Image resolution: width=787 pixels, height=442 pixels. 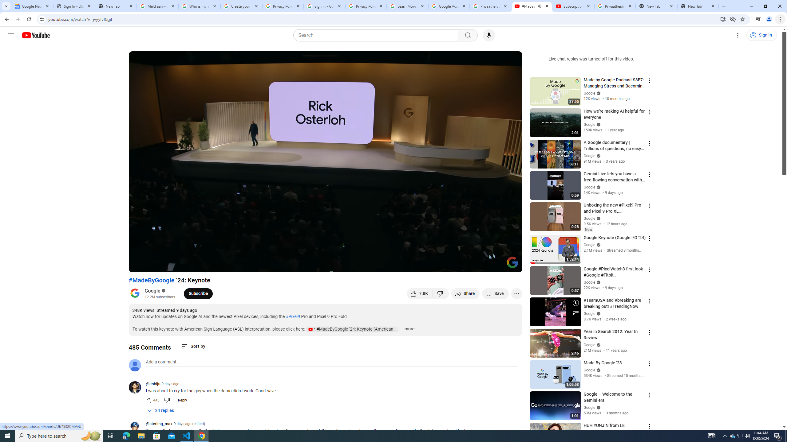 I want to click on '#MadeByGoogle', so click(x=151, y=280).